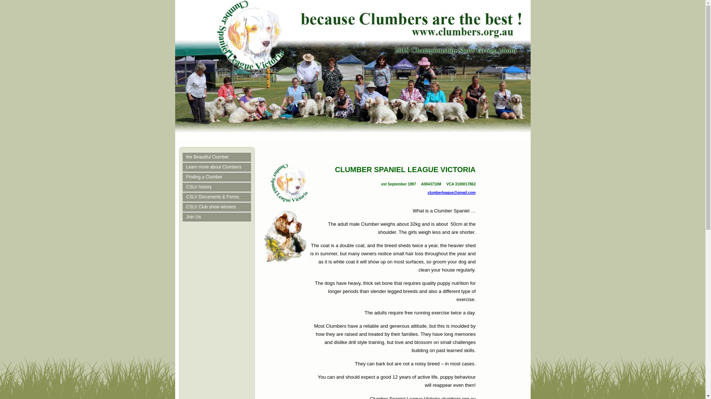 The image size is (711, 399). What do you see at coordinates (186, 187) in the screenshot?
I see `'CSLV history'` at bounding box center [186, 187].